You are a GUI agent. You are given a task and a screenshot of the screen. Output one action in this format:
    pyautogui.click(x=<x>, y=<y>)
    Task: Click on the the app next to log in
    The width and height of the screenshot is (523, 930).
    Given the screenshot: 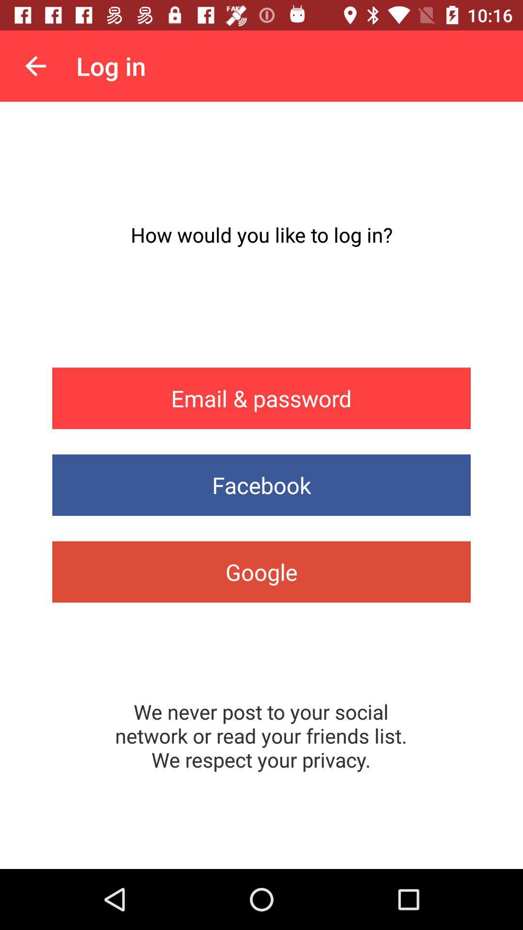 What is the action you would take?
    pyautogui.click(x=35, y=65)
    